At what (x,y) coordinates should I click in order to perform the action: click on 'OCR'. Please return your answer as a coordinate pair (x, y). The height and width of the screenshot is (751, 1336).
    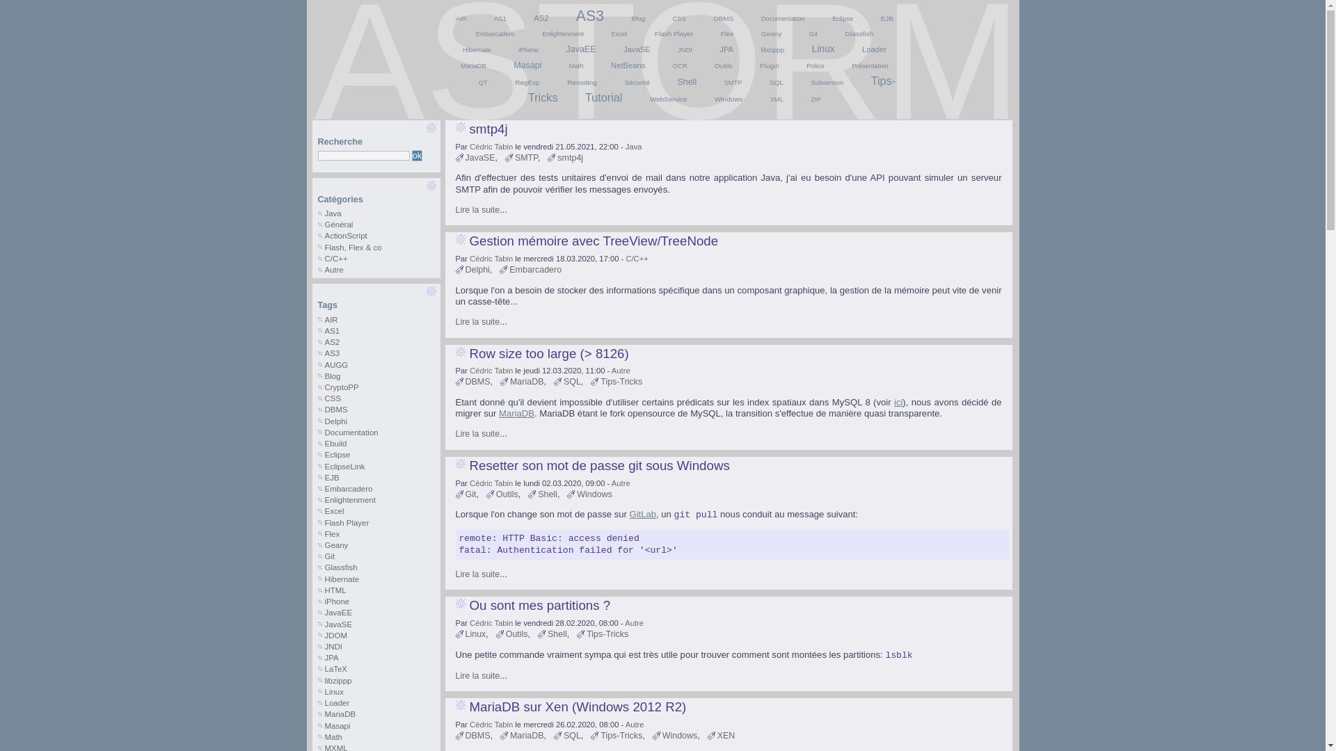
    Looking at the image, I should click on (680, 66).